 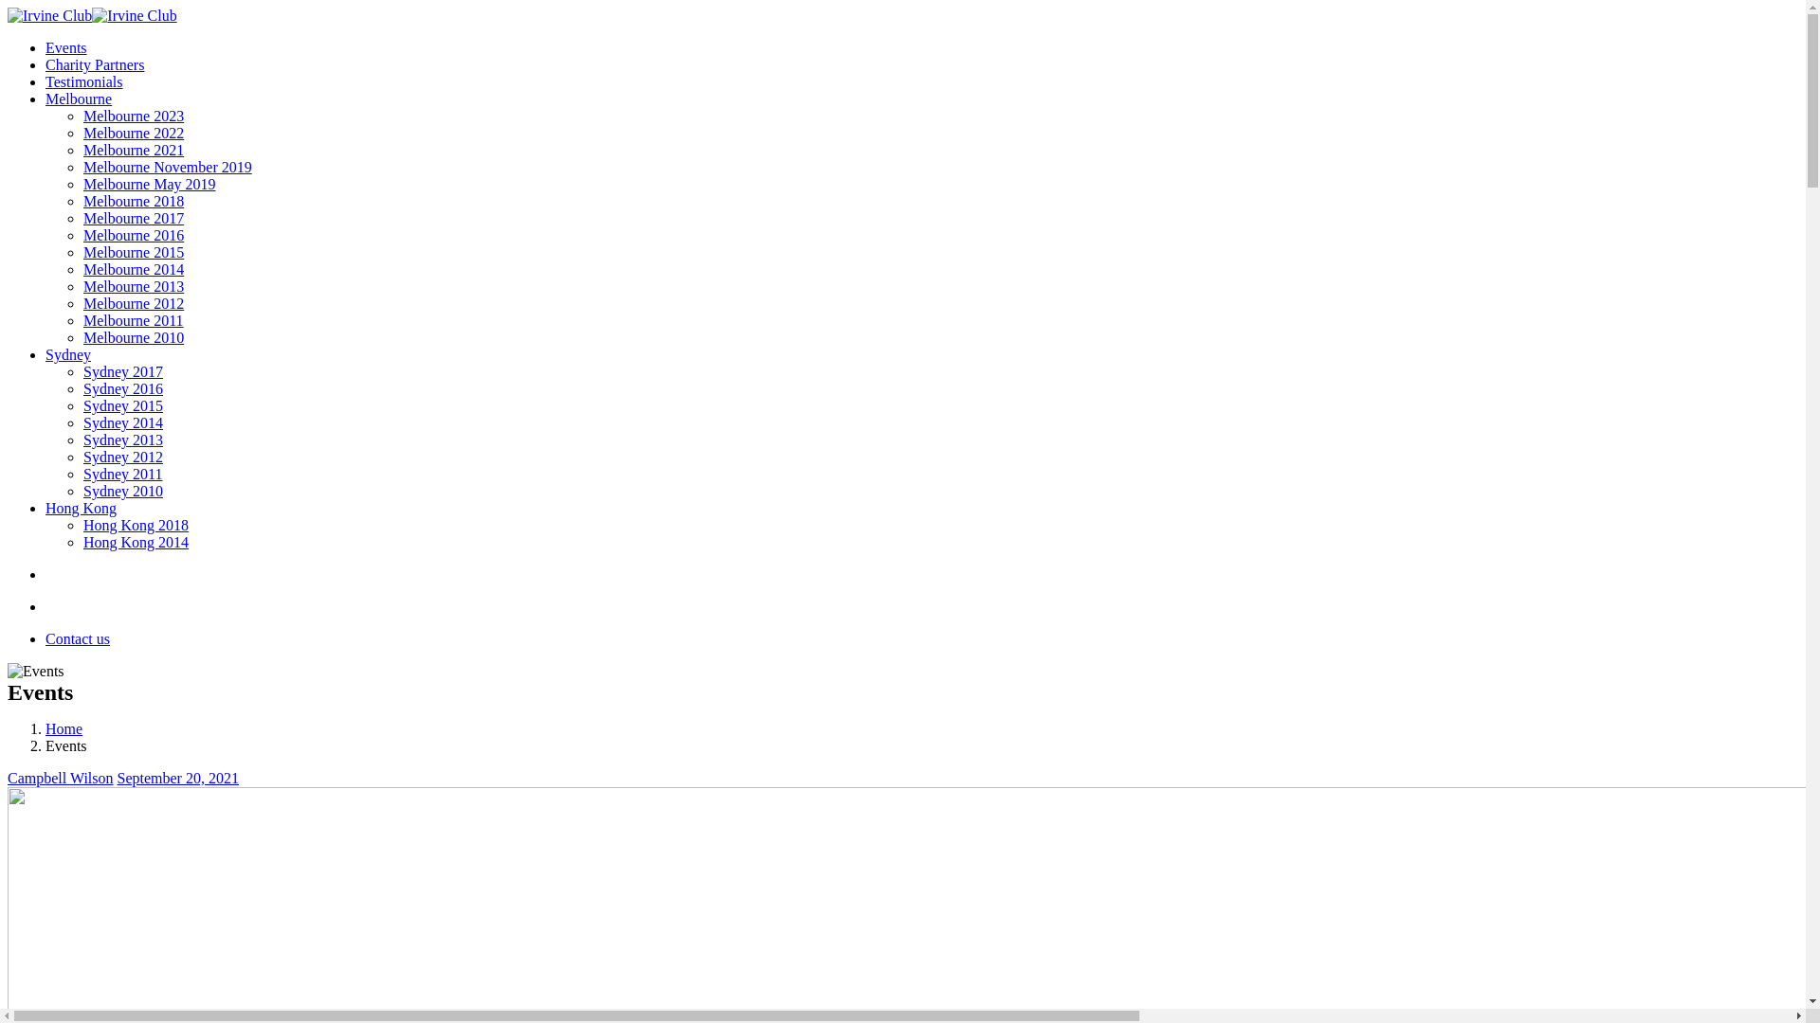 What do you see at coordinates (121, 404) in the screenshot?
I see `'Sydney 2015'` at bounding box center [121, 404].